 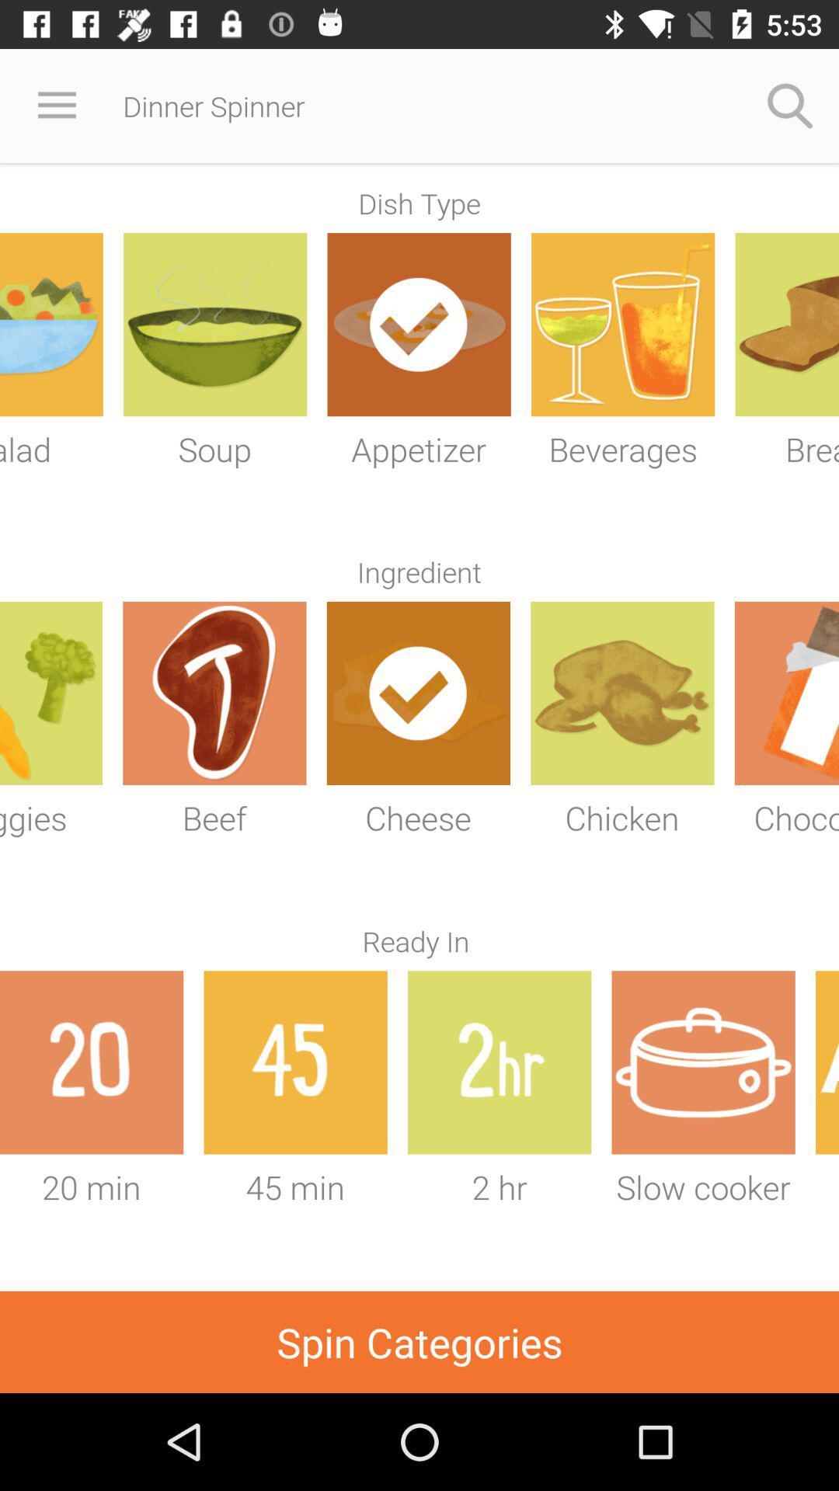 I want to click on the icon which is below dish type, so click(x=418, y=323).